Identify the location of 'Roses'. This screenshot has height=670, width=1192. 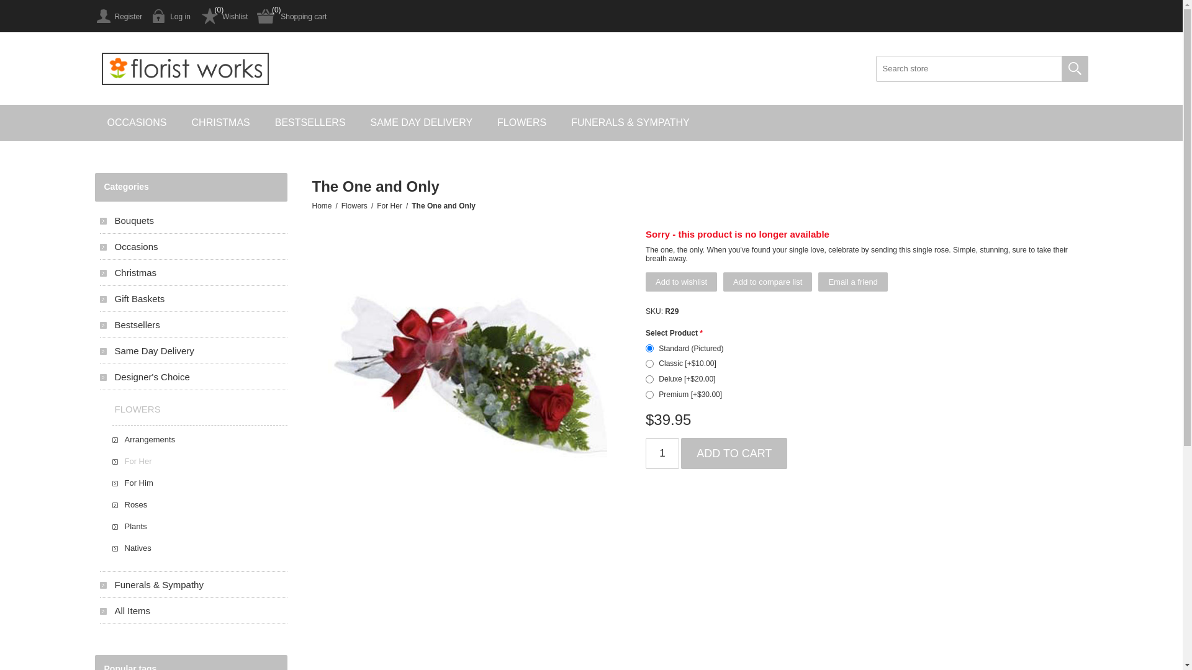
(112, 504).